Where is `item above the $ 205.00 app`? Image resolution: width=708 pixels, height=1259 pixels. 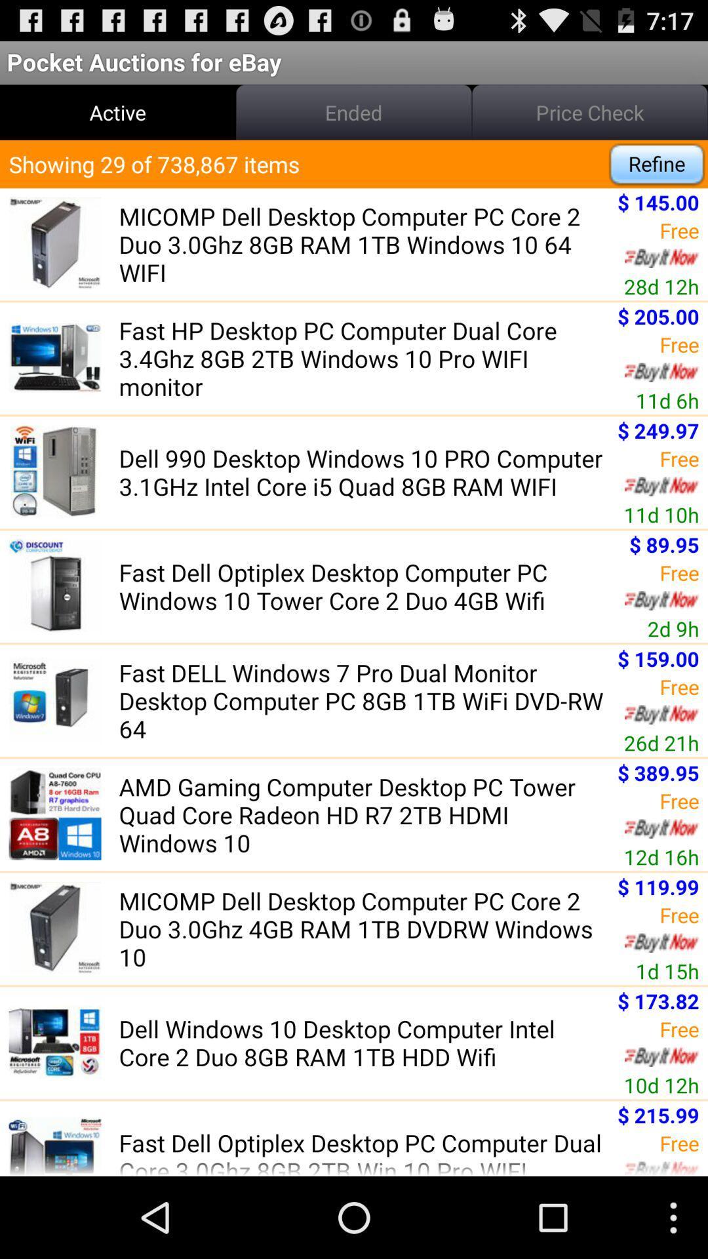 item above the $ 205.00 app is located at coordinates (661, 285).